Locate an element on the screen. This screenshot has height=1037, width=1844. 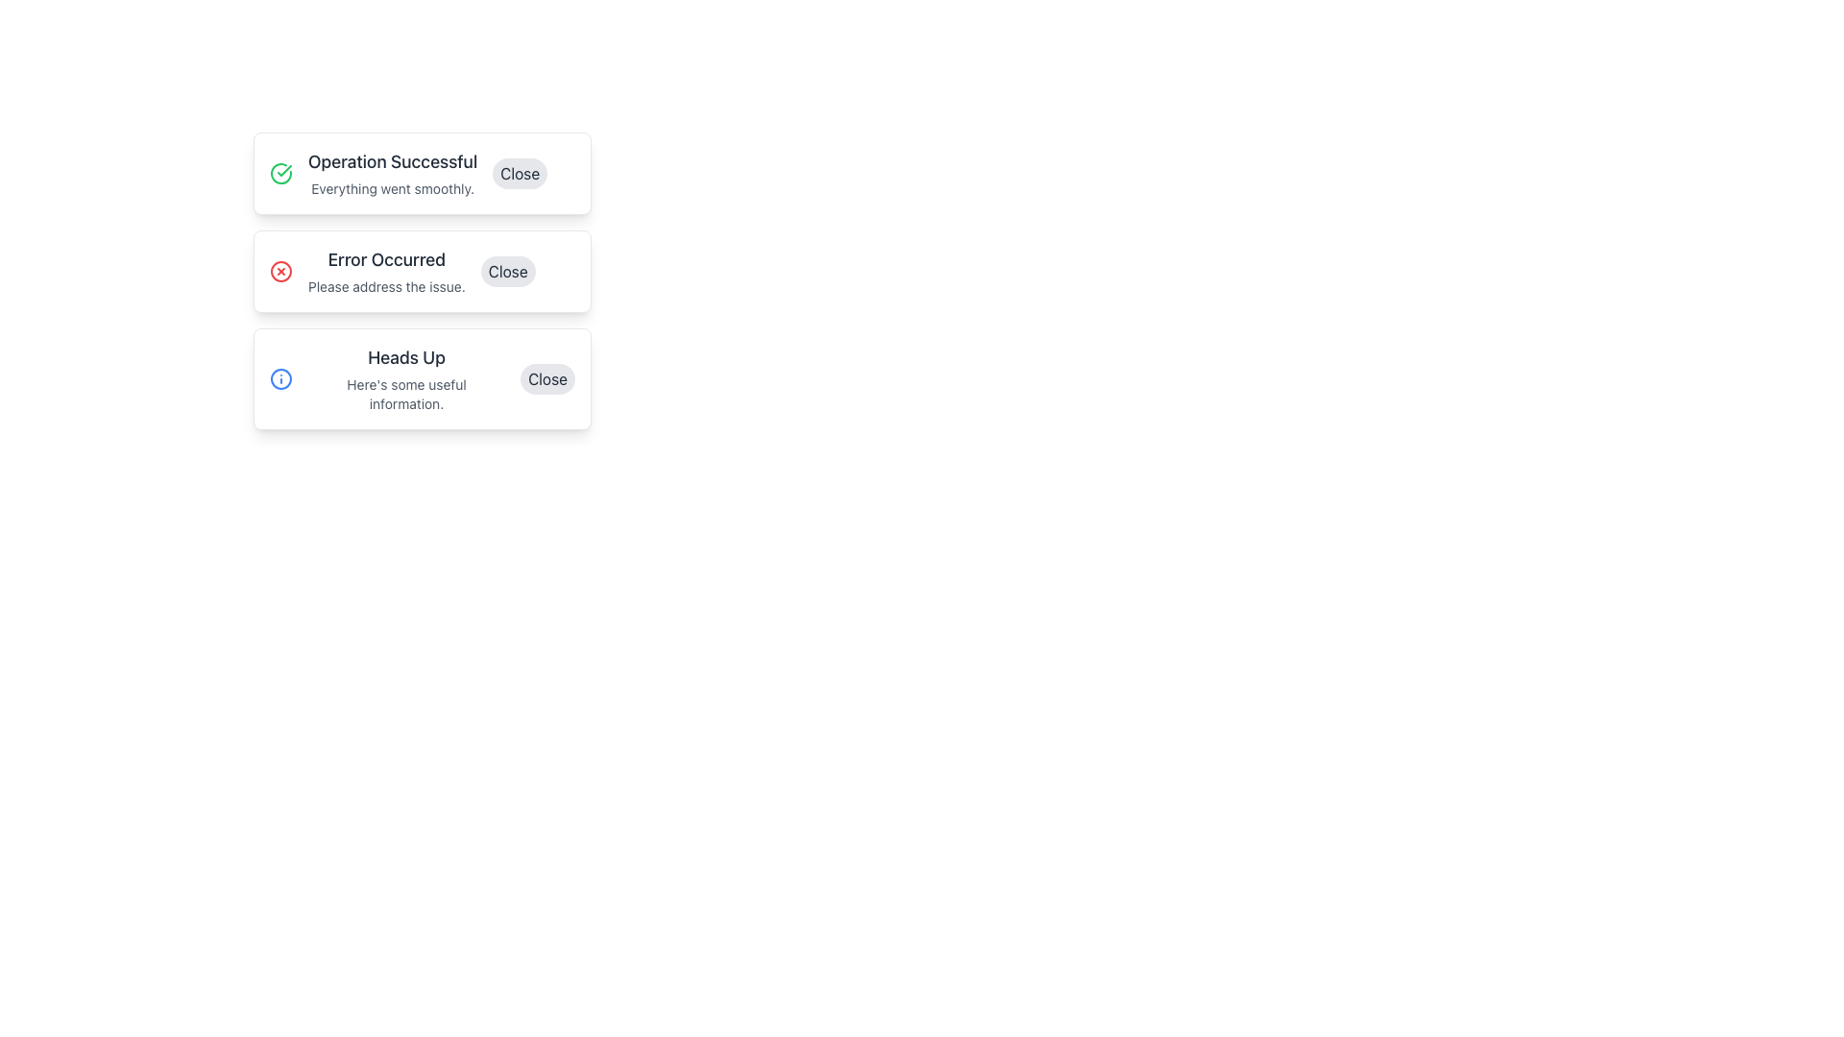
the red circular icon with a bold red cross, located next to the 'Error Occurred' text in the notification box is located at coordinates (279, 271).